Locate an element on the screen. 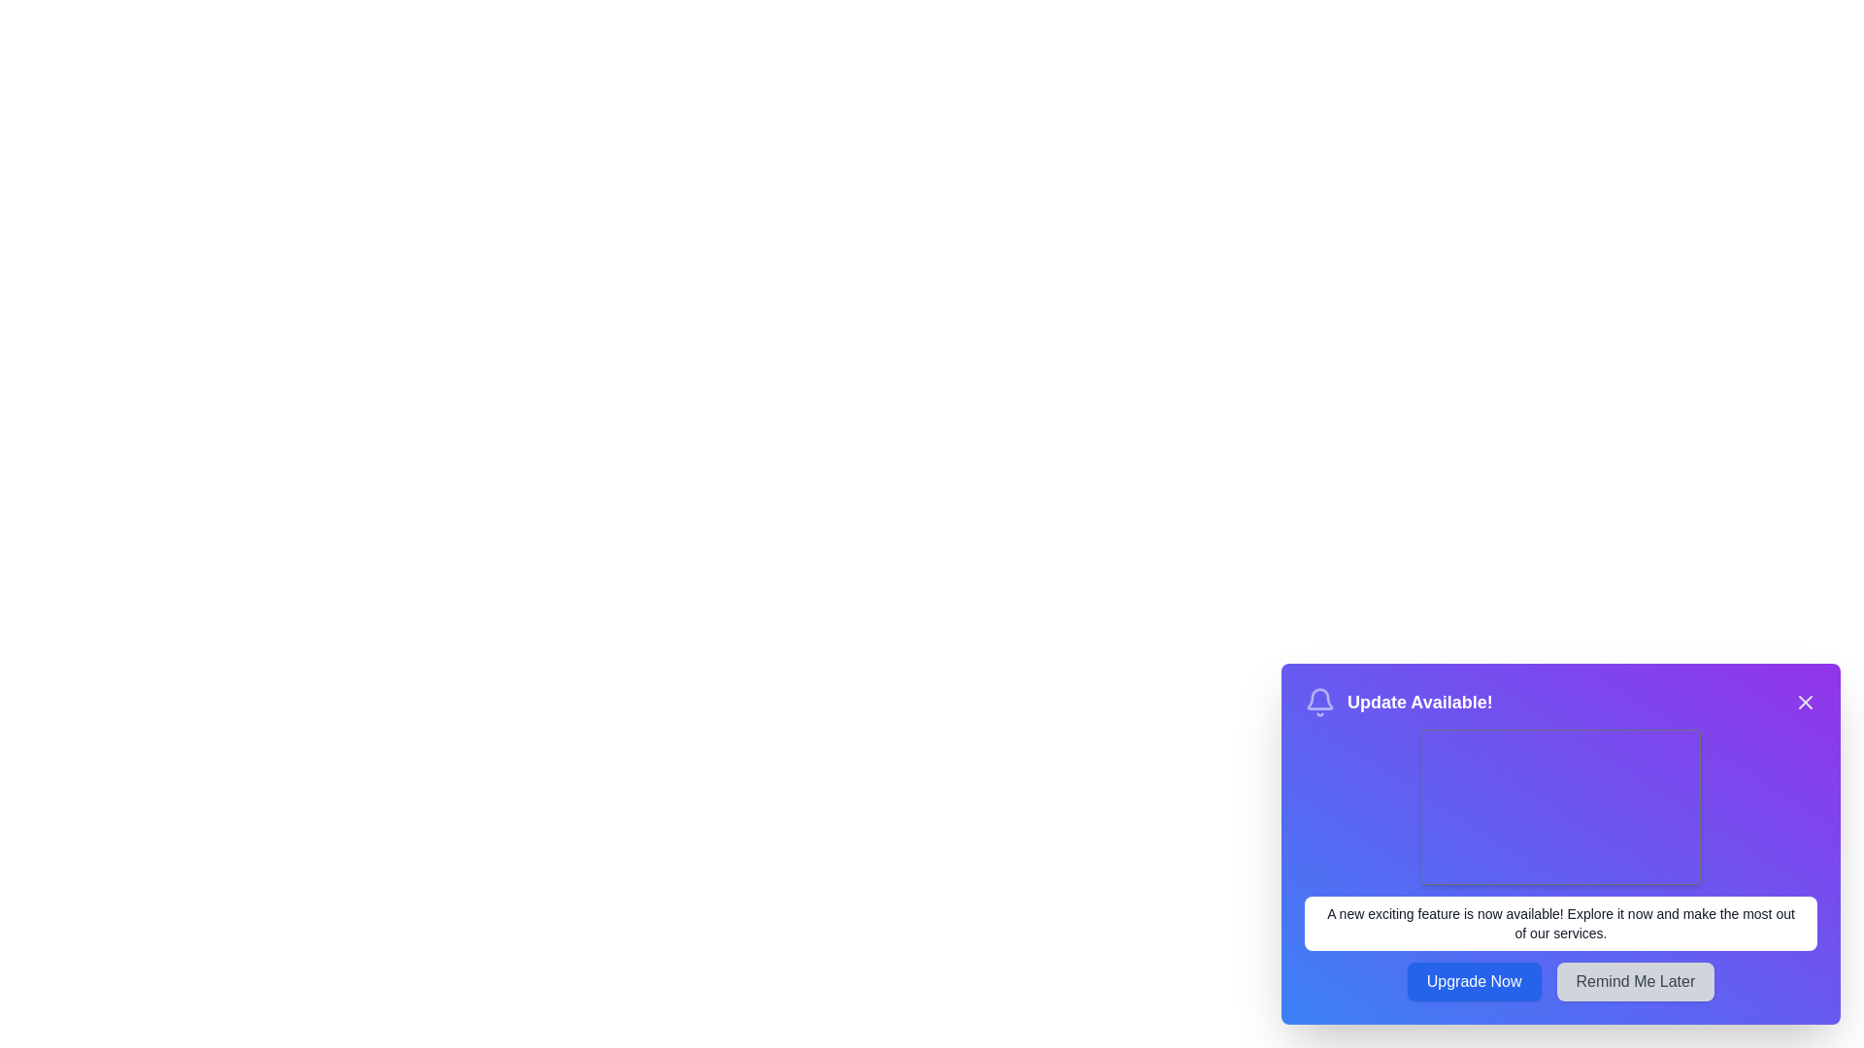  the button Remind Me Later to observe its hover effect is located at coordinates (1634, 981).